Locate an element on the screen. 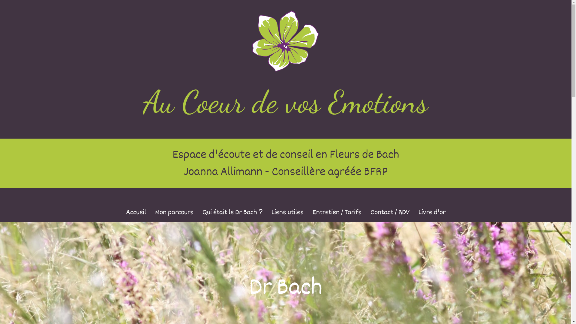  'Contact / RDV' is located at coordinates (390, 212).